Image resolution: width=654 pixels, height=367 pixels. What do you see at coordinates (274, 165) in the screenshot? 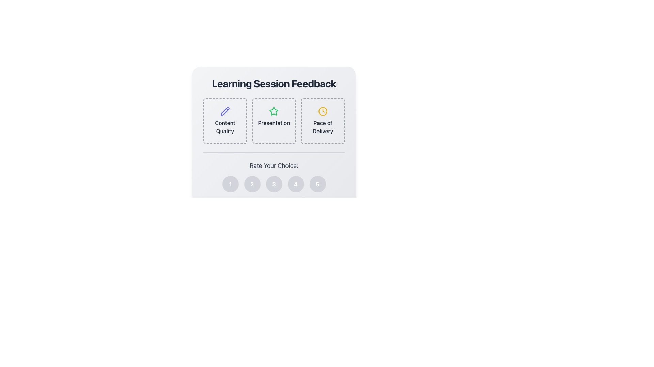
I see `the descriptive text label that prompts users to make a rating selection, located directly above a row of circular buttons numbered 1 to 5` at bounding box center [274, 165].